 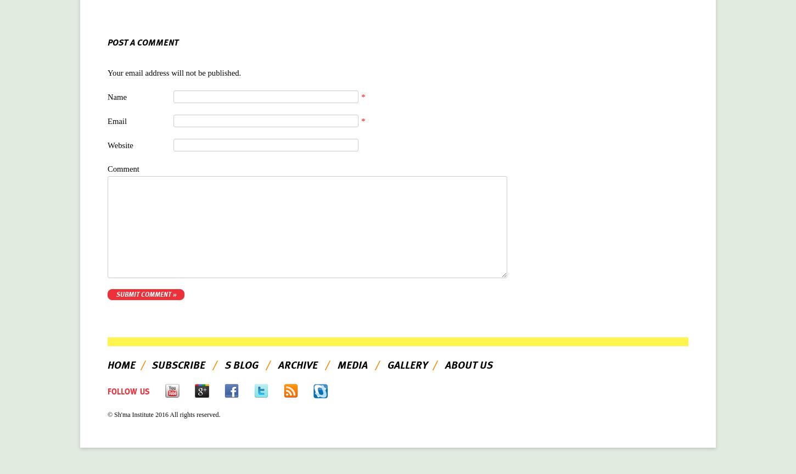 I want to click on 'Comment', so click(x=122, y=168).